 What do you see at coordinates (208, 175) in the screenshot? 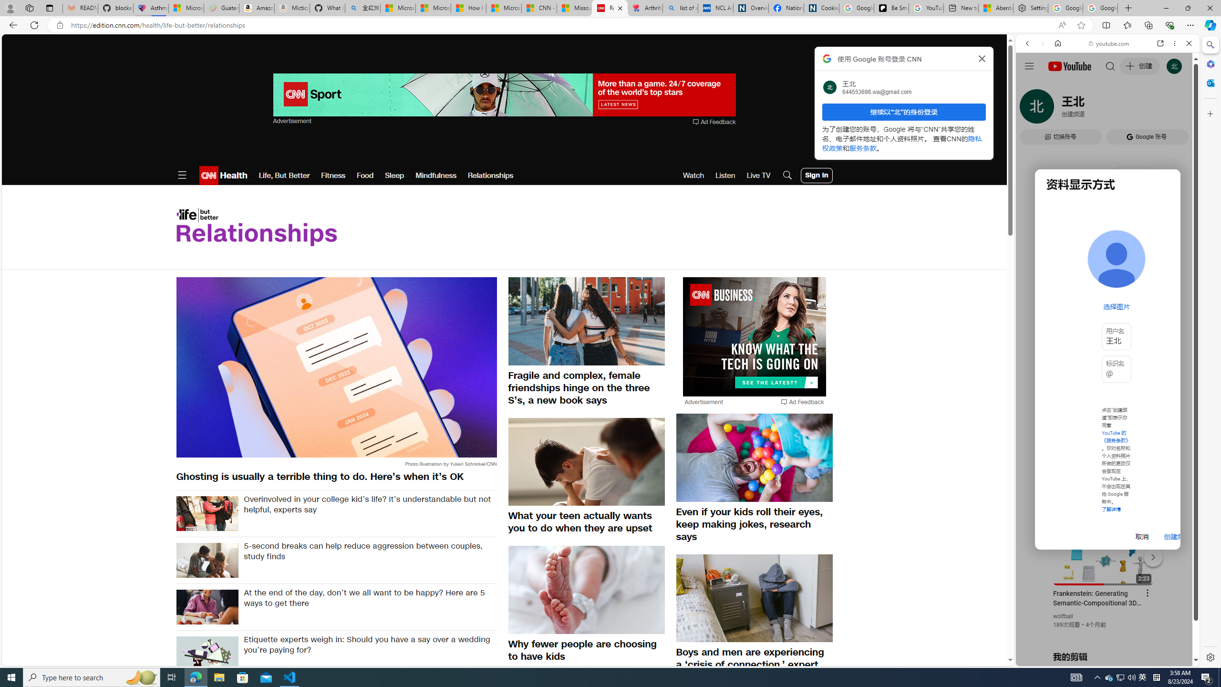
I see `'CNN logo'` at bounding box center [208, 175].